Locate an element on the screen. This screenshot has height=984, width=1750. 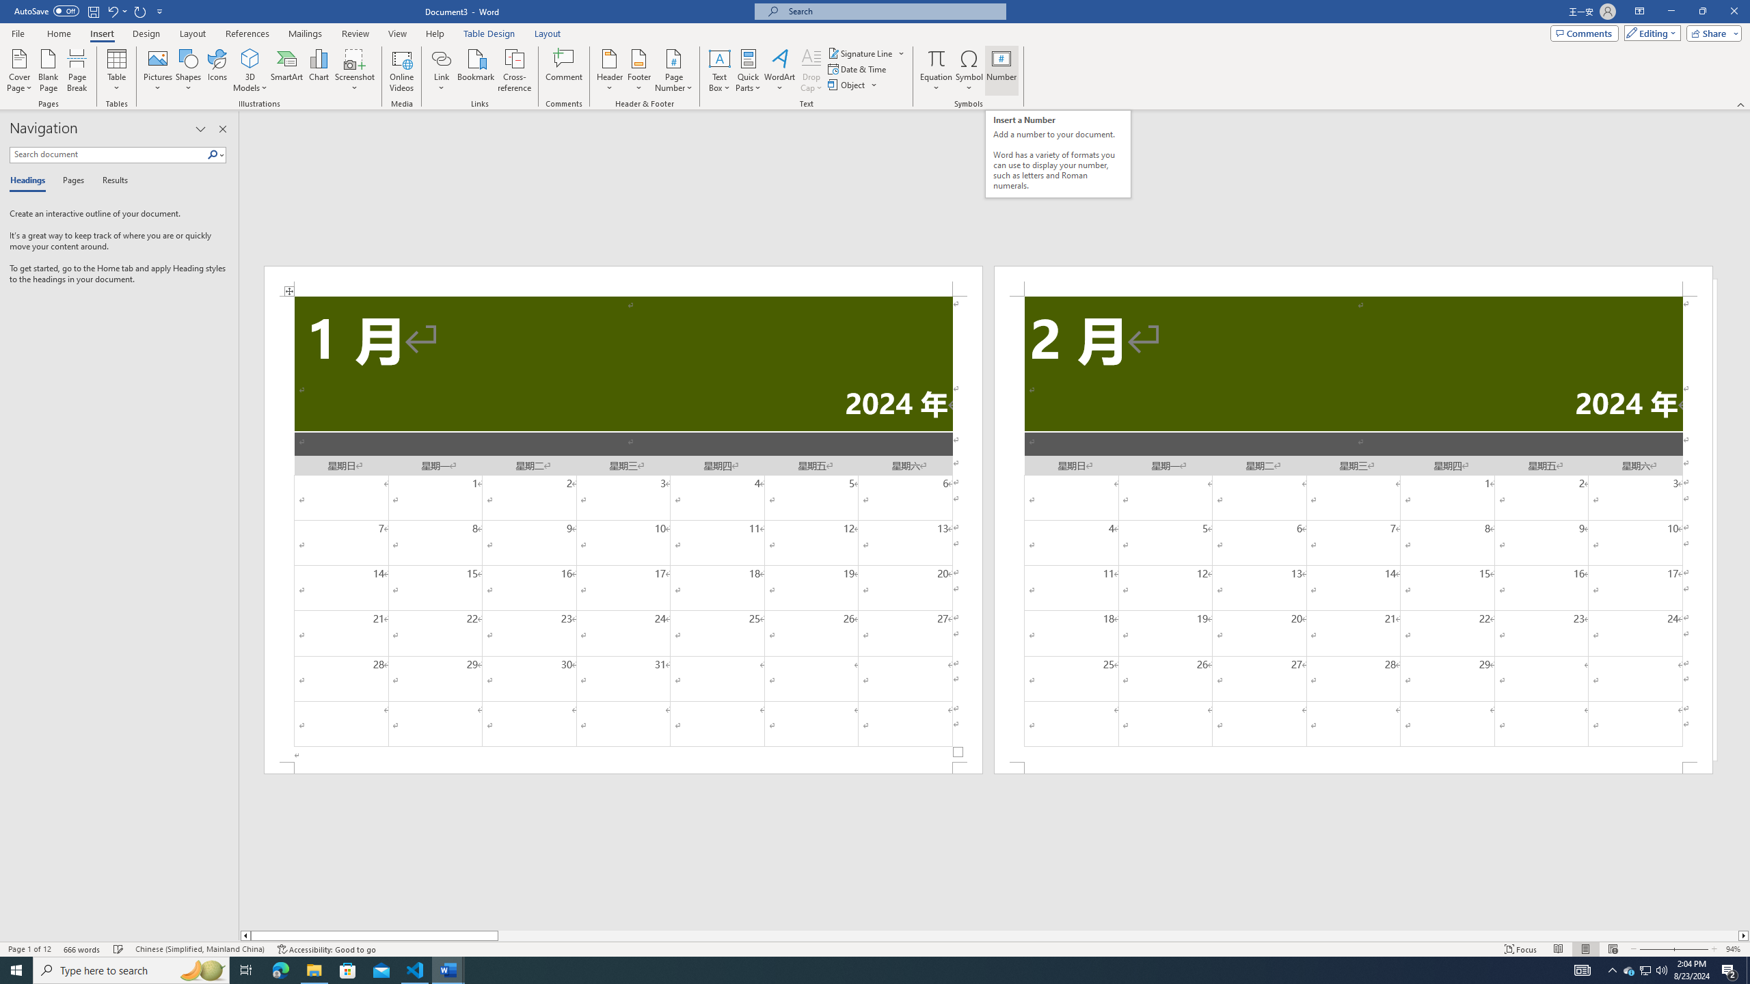
'Pictures' is located at coordinates (158, 70).